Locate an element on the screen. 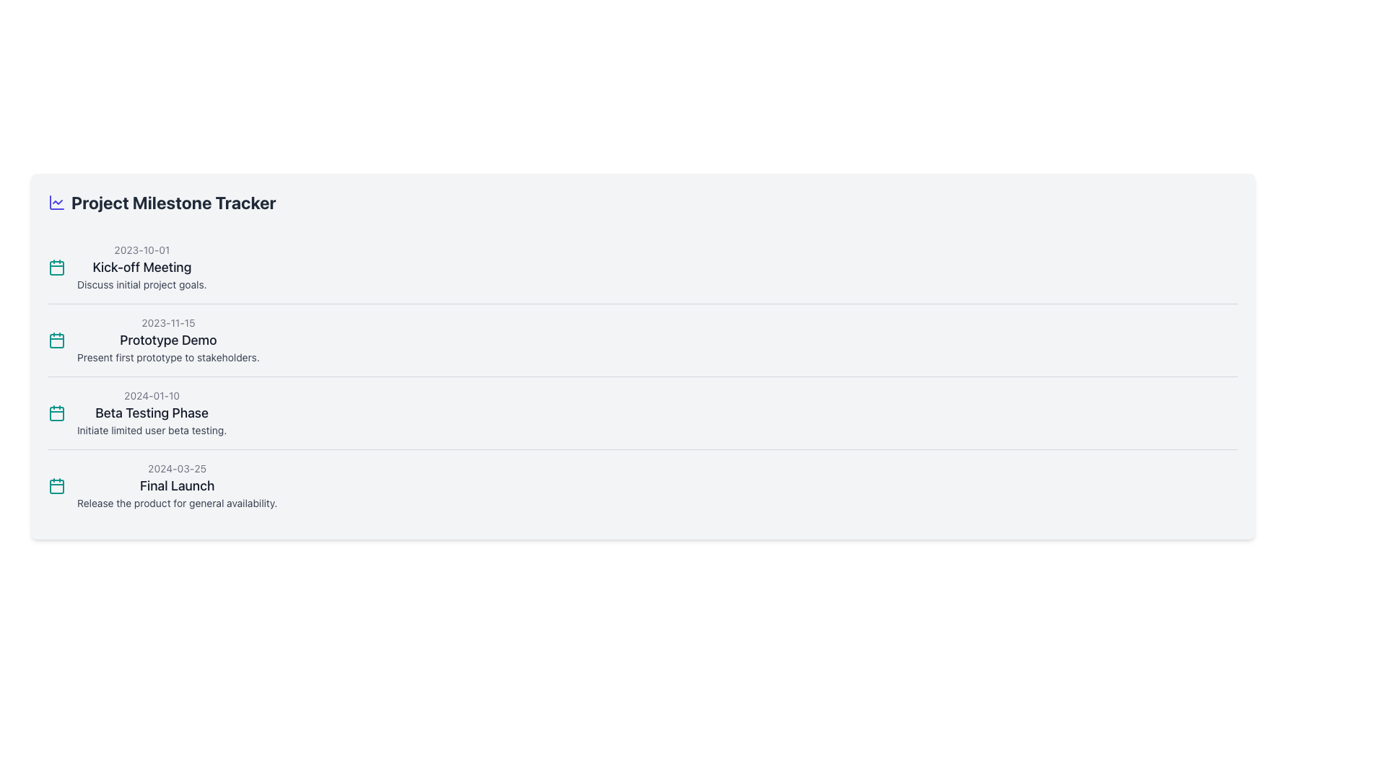  the Text Label indicating 'Beta Testing Phase', which is positioned below the date '2024-01-10' and above the description 'Initiate limited user beta testing.' is located at coordinates (152, 413).